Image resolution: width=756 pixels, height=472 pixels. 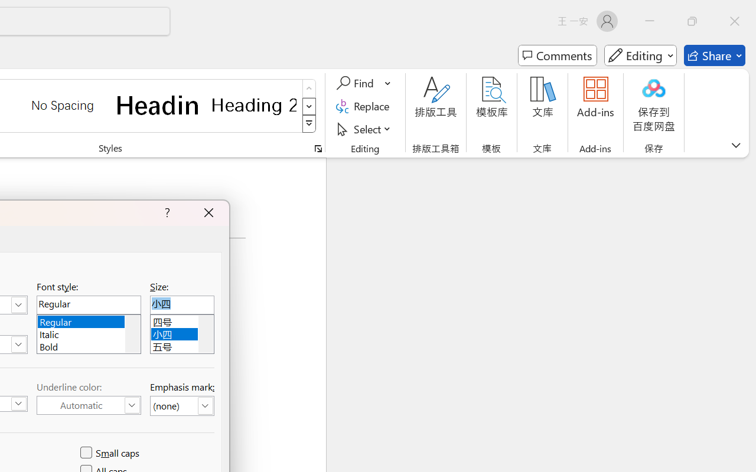 I want to click on 'Underline Color (Automatic)', so click(x=88, y=405).